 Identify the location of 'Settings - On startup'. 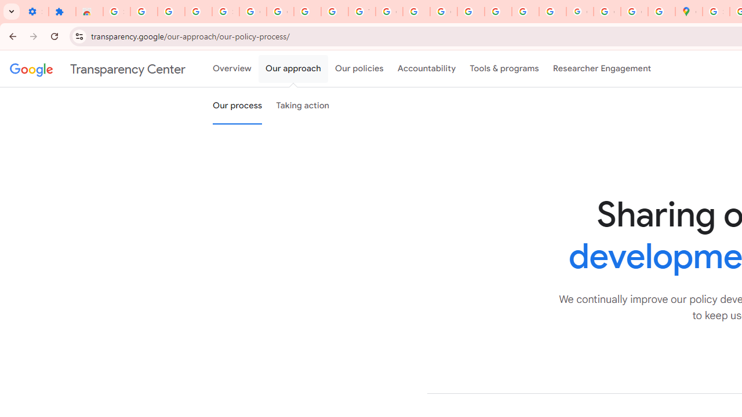
(35, 12).